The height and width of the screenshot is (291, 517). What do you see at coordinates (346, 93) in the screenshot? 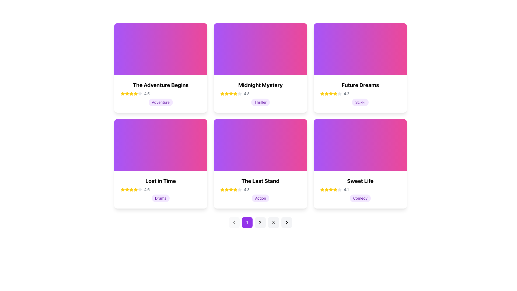
I see `the numerical rating text displaying the average user rating for the 'Future Dreams' item` at bounding box center [346, 93].